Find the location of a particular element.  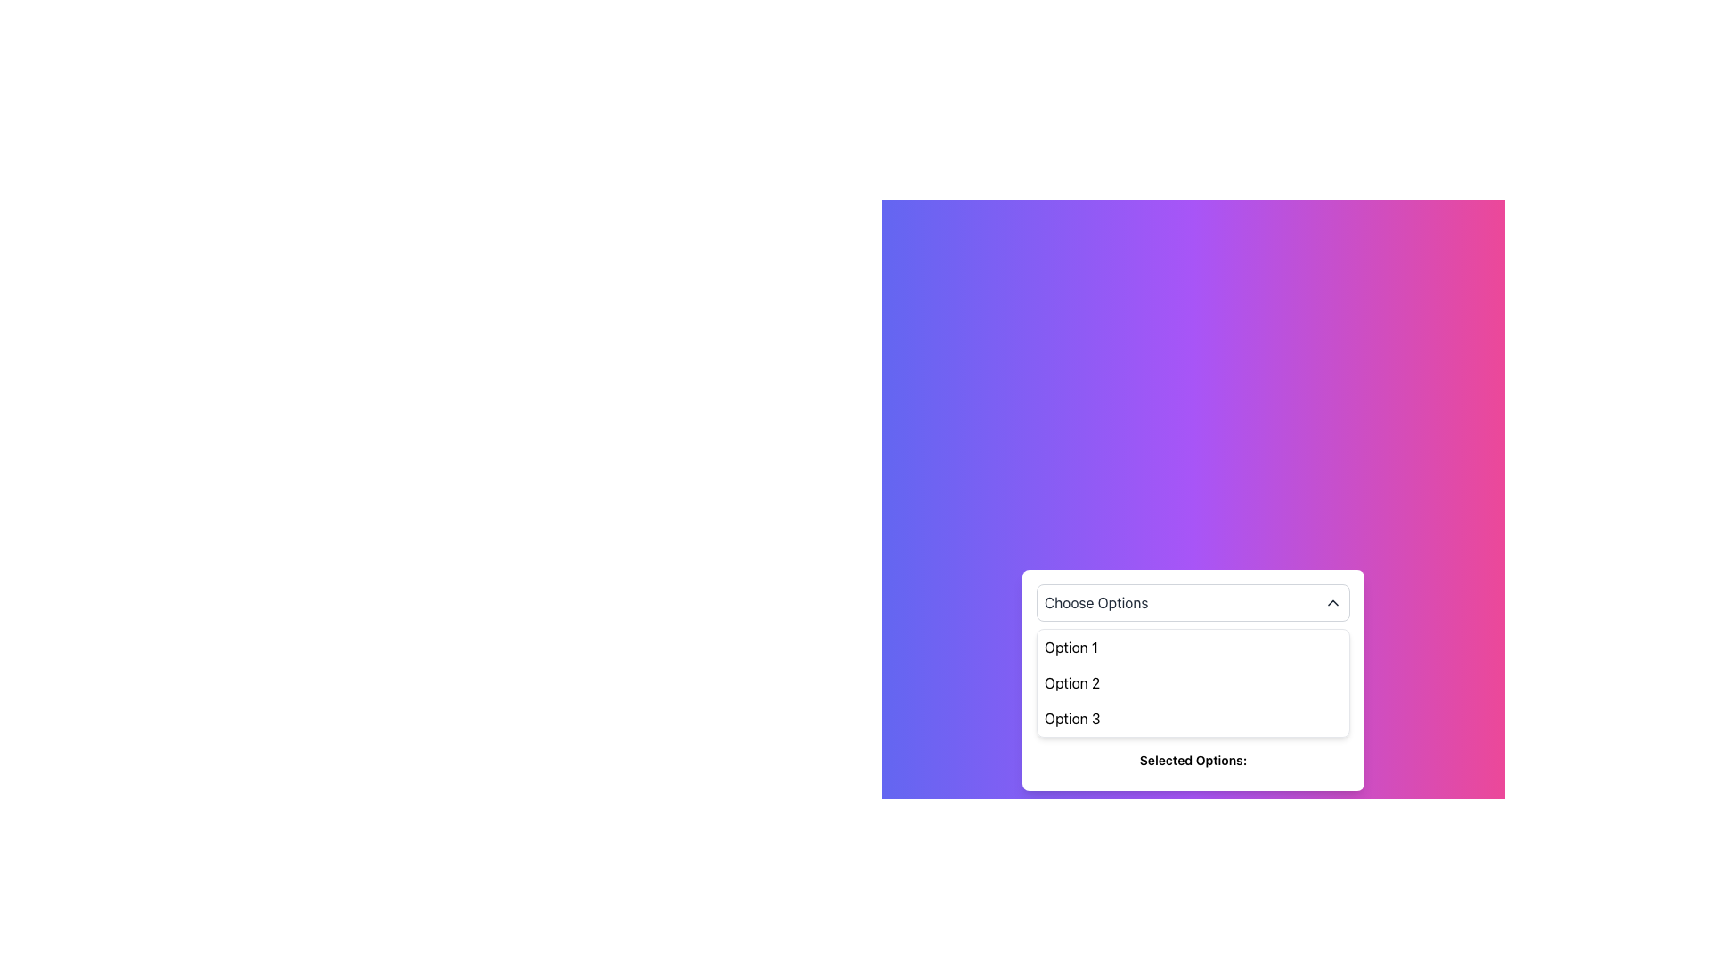

the first entry in the dropdown menu labeled 'Option 1' is located at coordinates (1193, 647).